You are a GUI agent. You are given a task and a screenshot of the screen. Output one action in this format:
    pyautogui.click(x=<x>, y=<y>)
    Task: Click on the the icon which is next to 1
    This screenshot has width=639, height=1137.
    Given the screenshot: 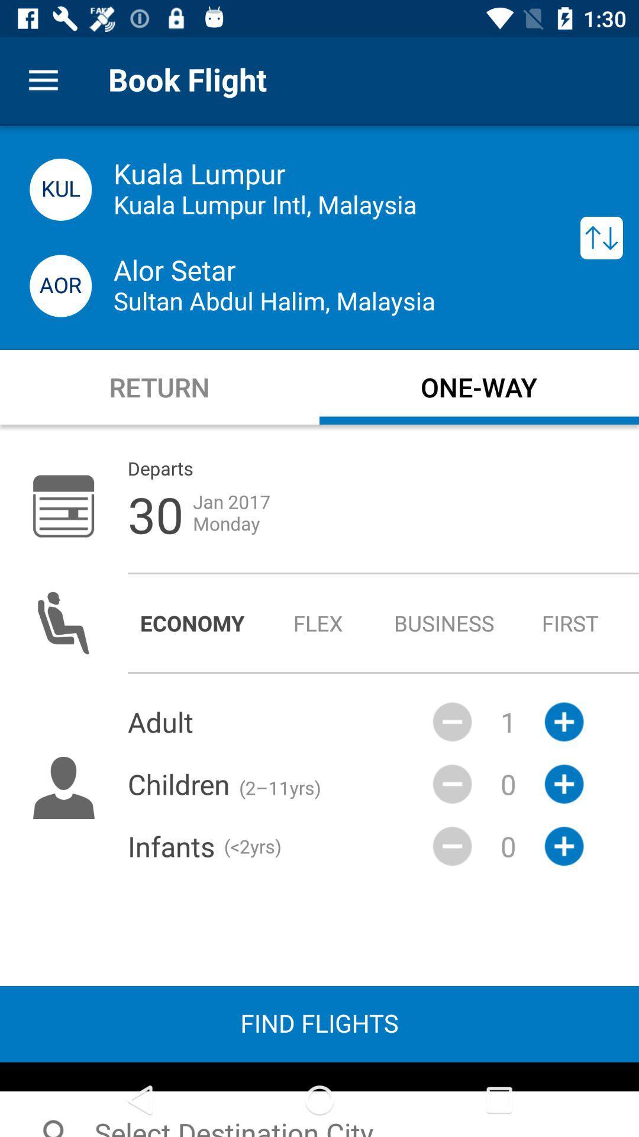 What is the action you would take?
    pyautogui.click(x=563, y=784)
    